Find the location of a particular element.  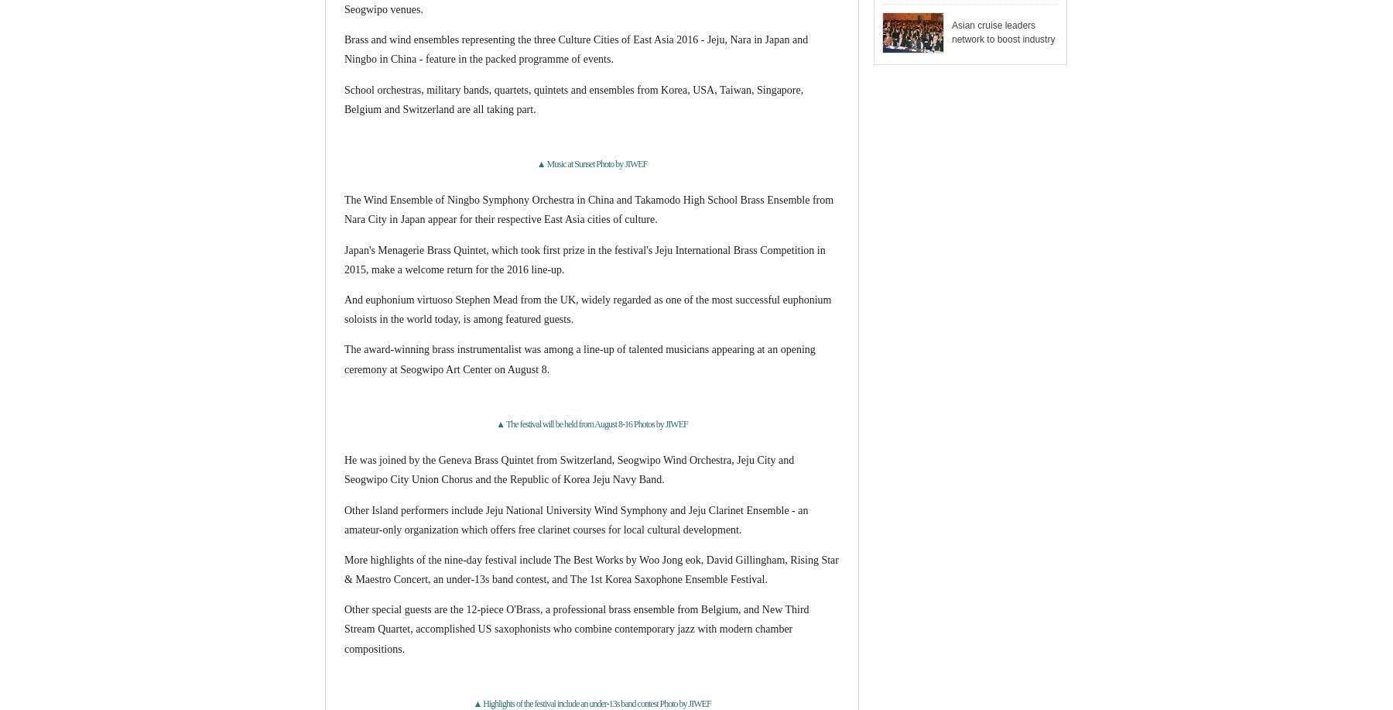

'More highlights of the nine-day festival include The Best Works by Woo Jong eok, David Gillingham, Rising Star & Maestro Concert, an under-13s band contest, and The 1st Korea Saxophone Ensemble Festival.' is located at coordinates (590, 568).